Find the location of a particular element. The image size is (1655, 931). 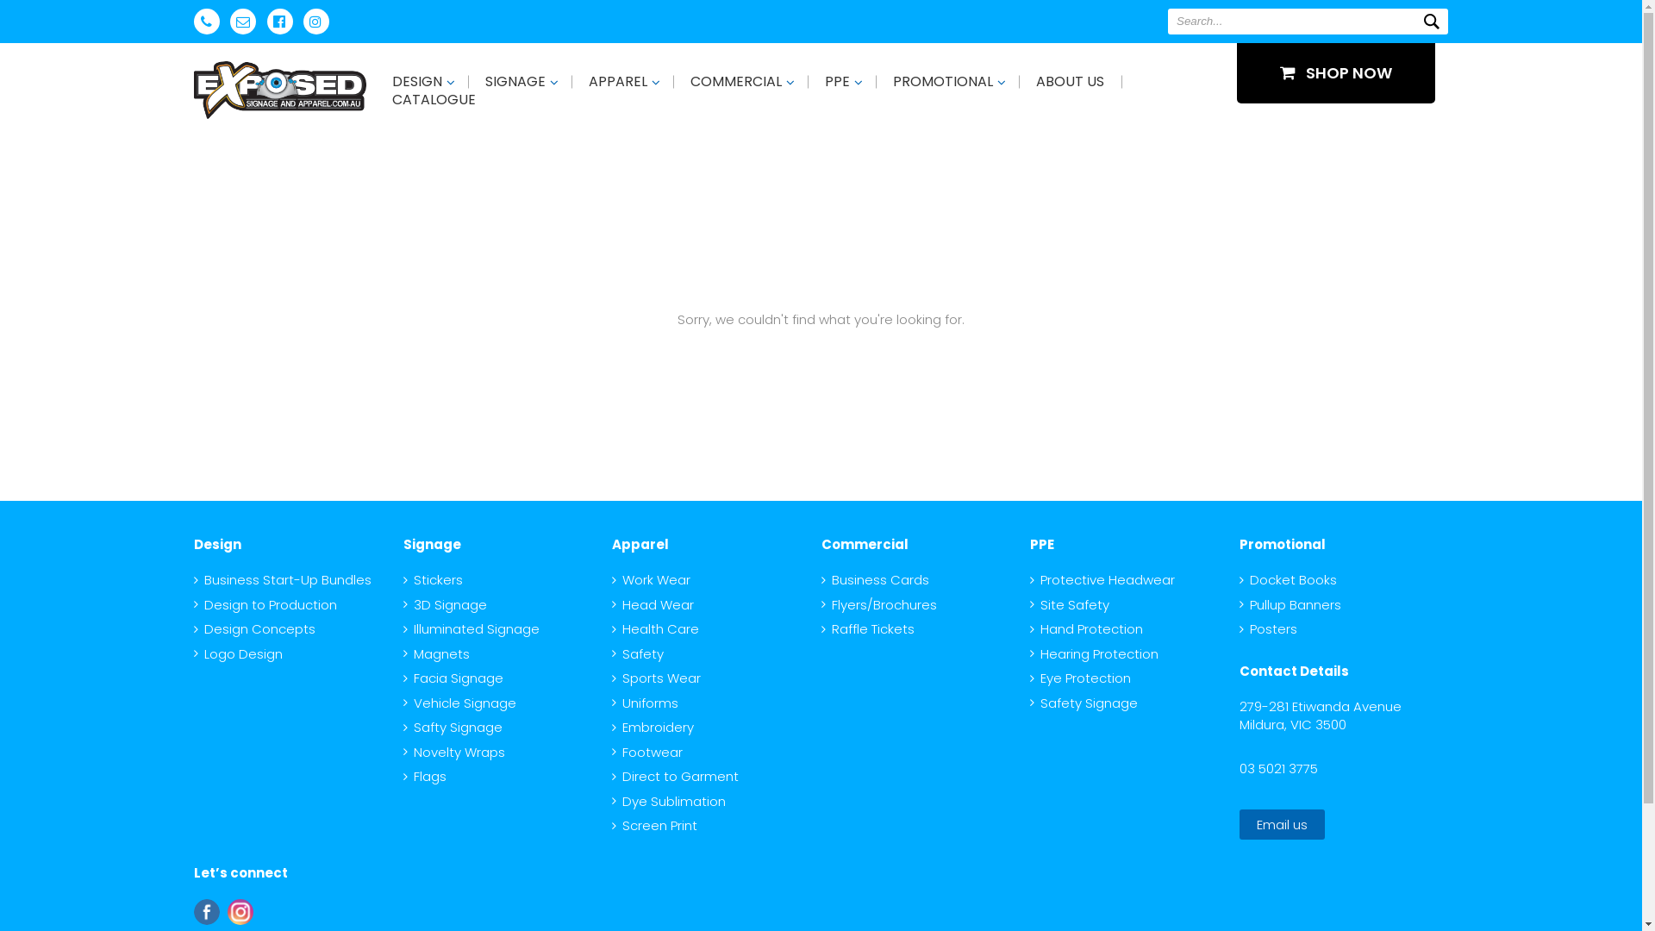

'Site Safety' is located at coordinates (1069, 603).